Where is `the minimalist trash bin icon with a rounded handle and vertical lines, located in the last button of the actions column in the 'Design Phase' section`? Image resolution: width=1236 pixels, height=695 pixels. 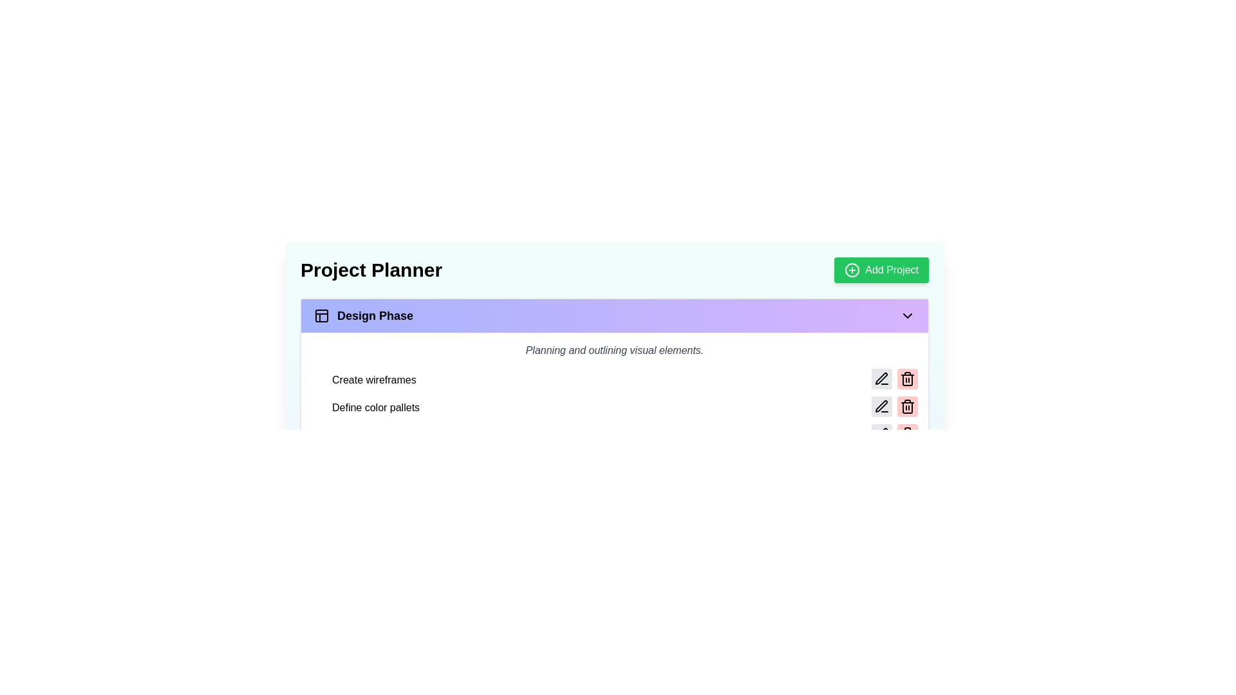 the minimalist trash bin icon with a rounded handle and vertical lines, located in the last button of the actions column in the 'Design Phase' section is located at coordinates (907, 434).